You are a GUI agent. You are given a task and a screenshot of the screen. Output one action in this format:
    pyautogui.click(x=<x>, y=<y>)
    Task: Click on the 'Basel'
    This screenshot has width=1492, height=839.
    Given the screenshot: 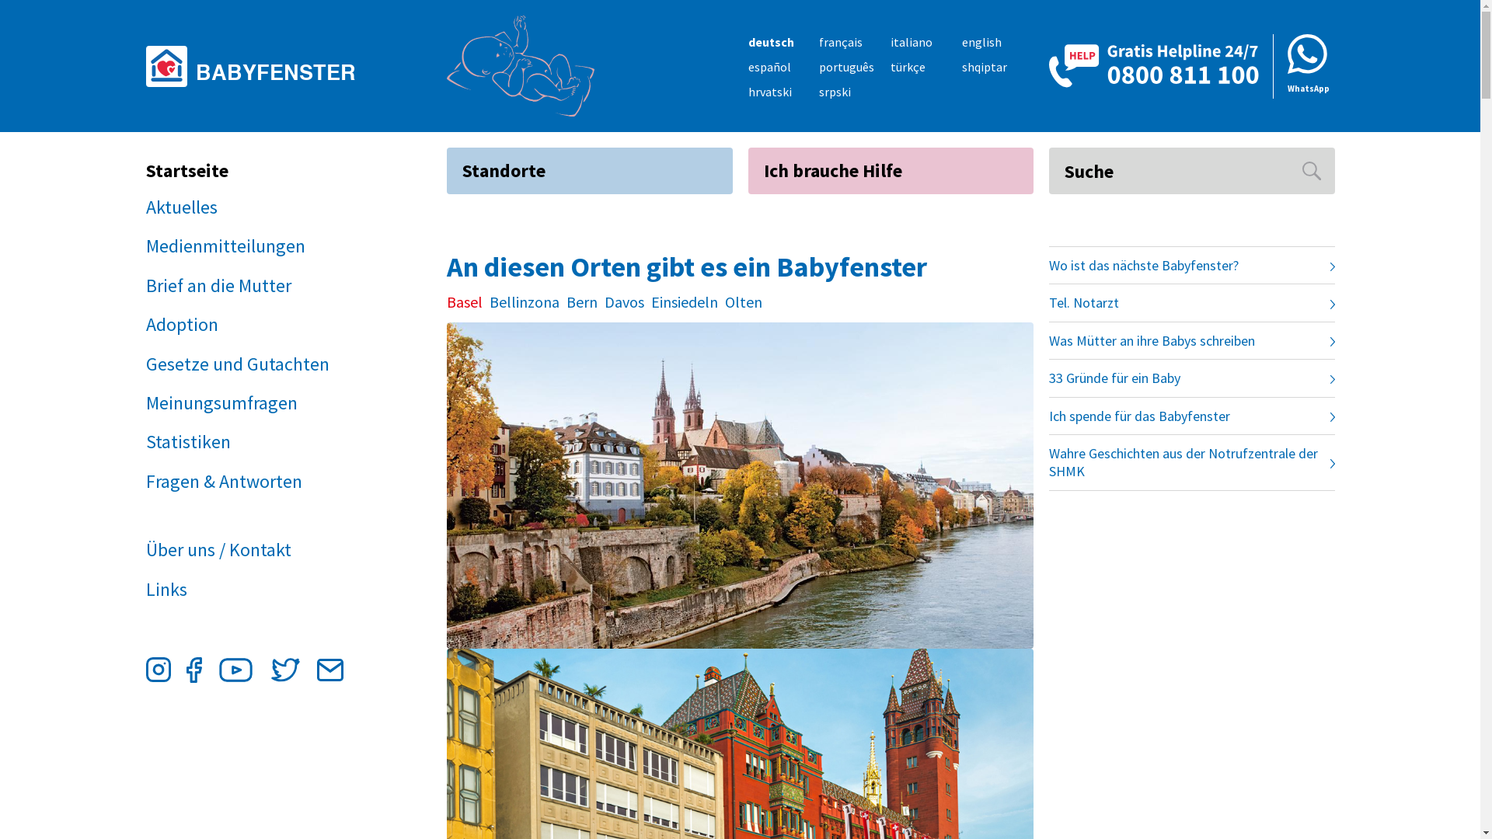 What is the action you would take?
    pyautogui.click(x=464, y=302)
    